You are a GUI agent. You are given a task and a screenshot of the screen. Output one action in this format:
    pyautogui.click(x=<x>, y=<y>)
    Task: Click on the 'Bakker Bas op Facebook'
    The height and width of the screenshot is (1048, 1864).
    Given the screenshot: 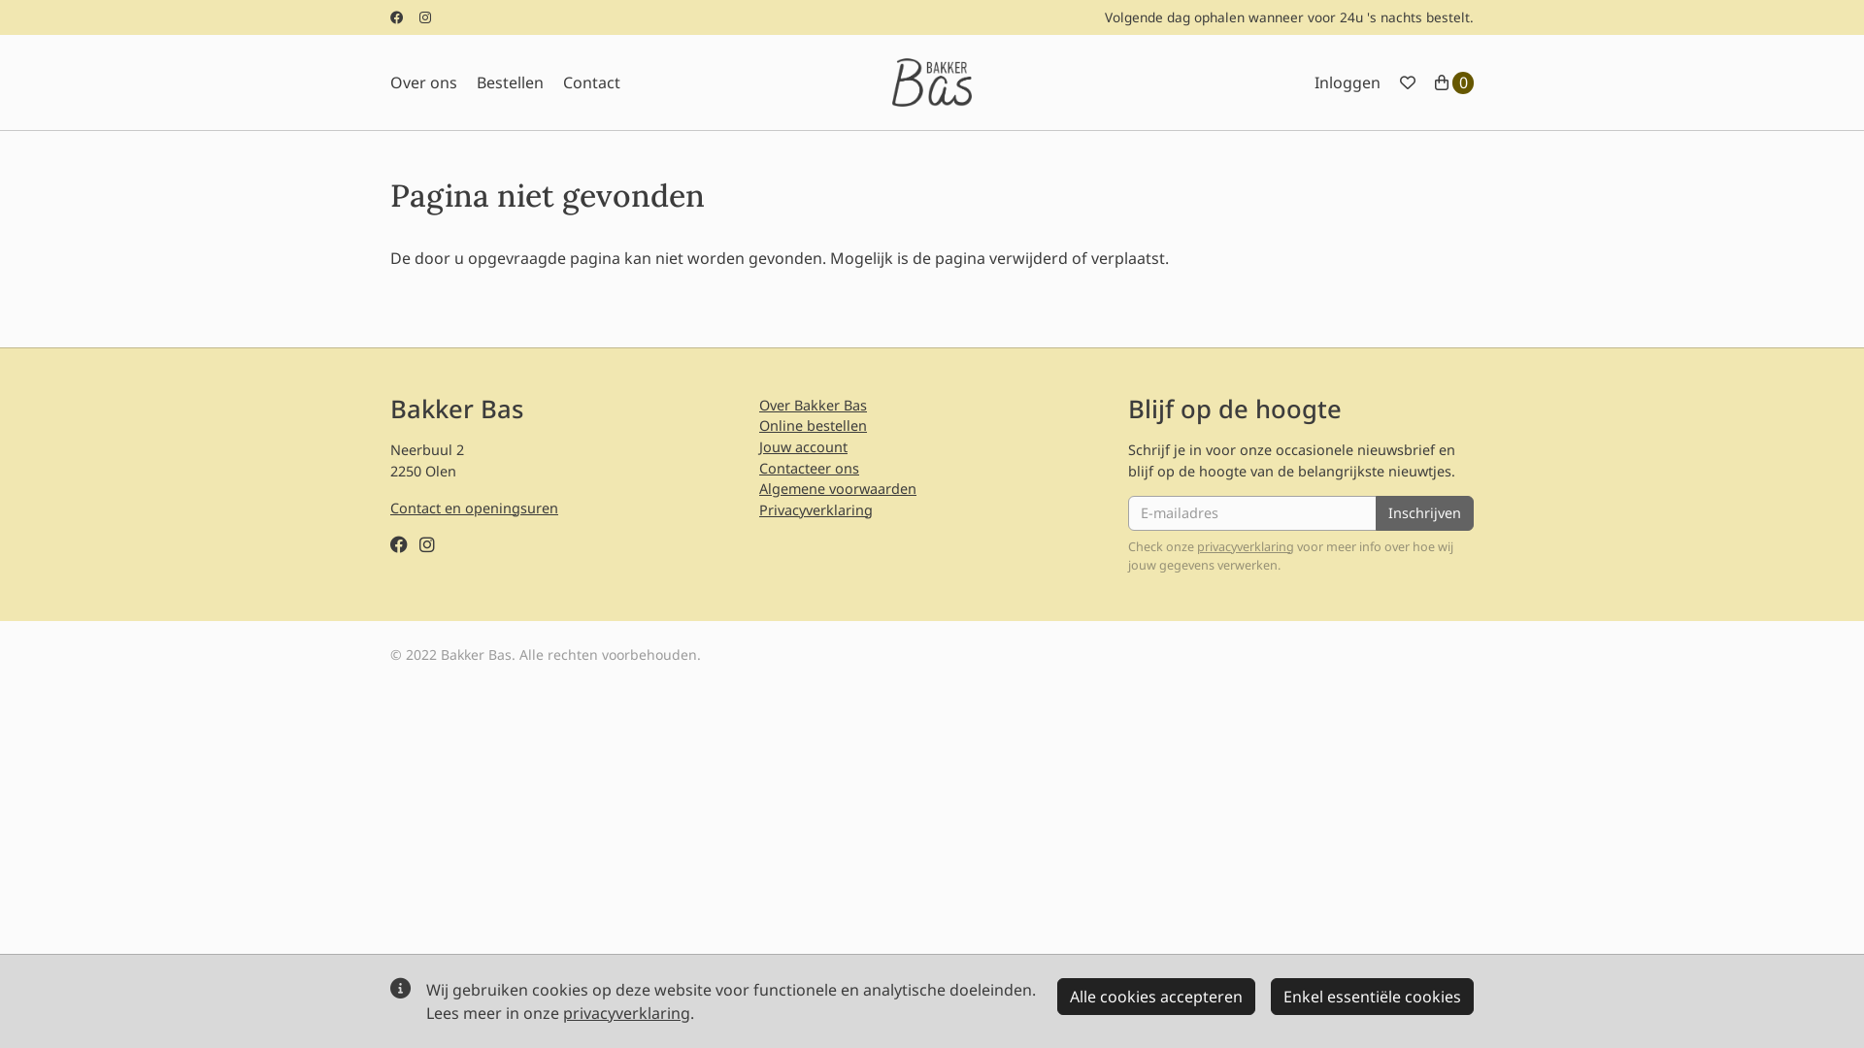 What is the action you would take?
    pyautogui.click(x=389, y=17)
    